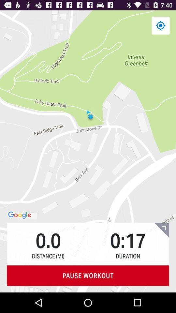 This screenshot has width=176, height=313. Describe the element at coordinates (160, 25) in the screenshot. I see `item at the top right corner` at that location.